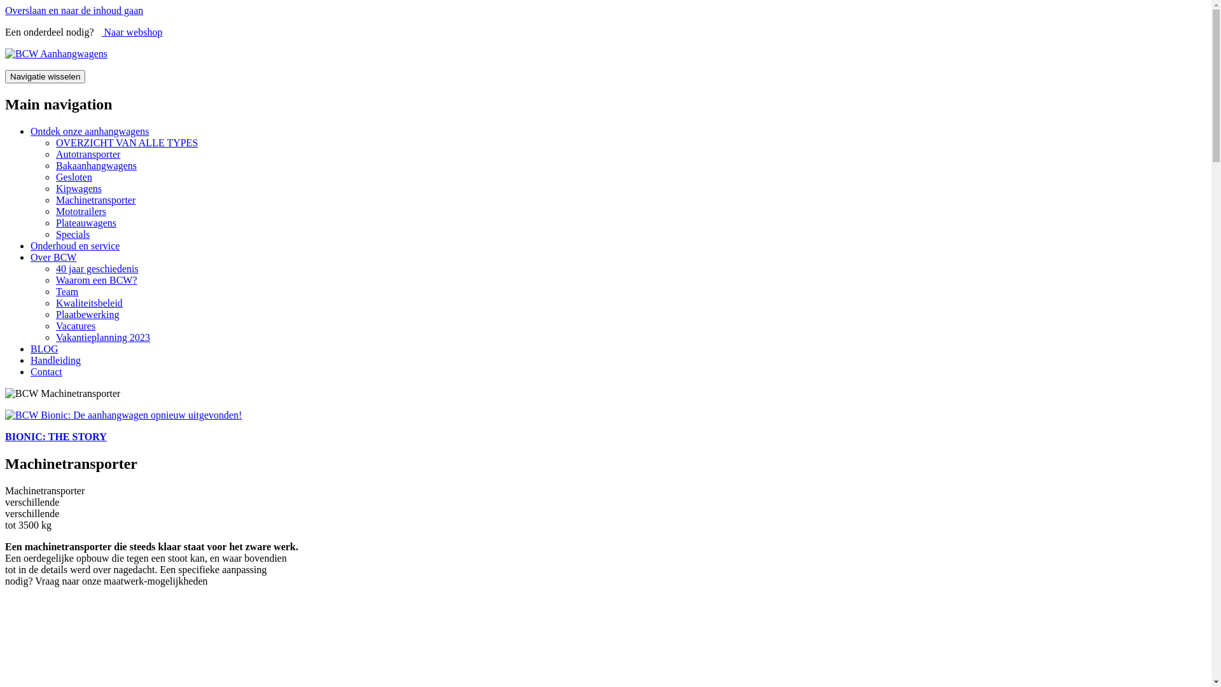  What do you see at coordinates (89, 131) in the screenshot?
I see `'Ontdek onze aanhangwagens'` at bounding box center [89, 131].